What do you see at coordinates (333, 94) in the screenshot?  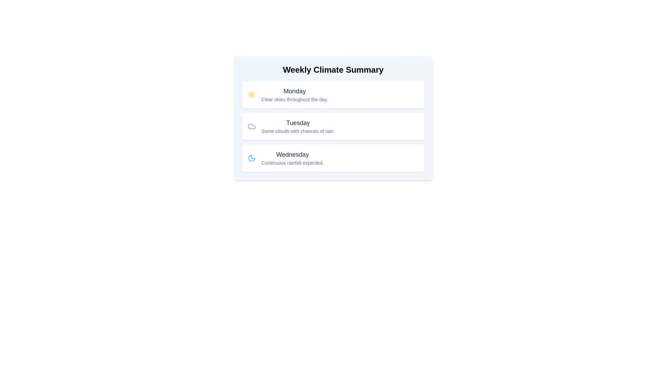 I see `the record for Monday` at bounding box center [333, 94].